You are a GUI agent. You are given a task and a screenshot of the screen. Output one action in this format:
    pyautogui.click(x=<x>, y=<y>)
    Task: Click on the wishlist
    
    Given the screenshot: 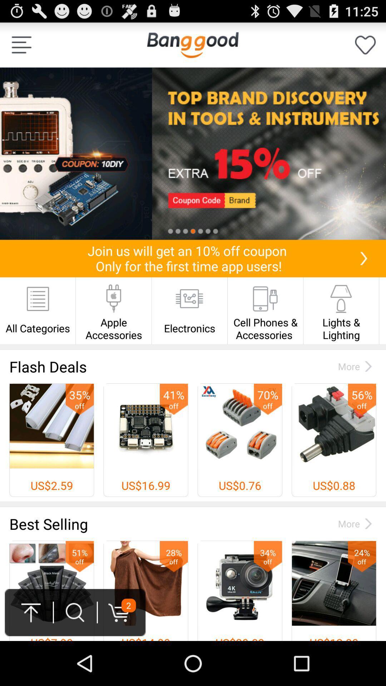 What is the action you would take?
    pyautogui.click(x=365, y=44)
    